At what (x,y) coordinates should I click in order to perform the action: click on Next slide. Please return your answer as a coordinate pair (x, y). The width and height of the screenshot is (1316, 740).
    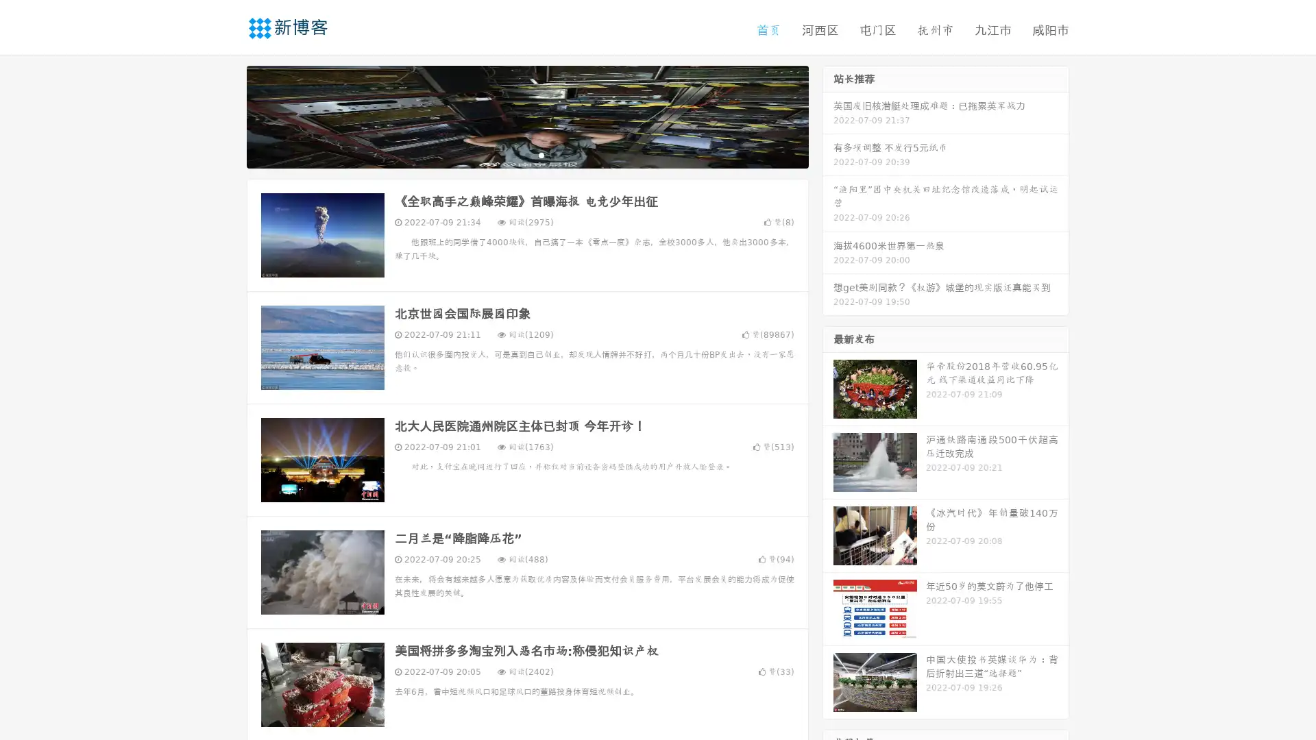
    Looking at the image, I should click on (828, 115).